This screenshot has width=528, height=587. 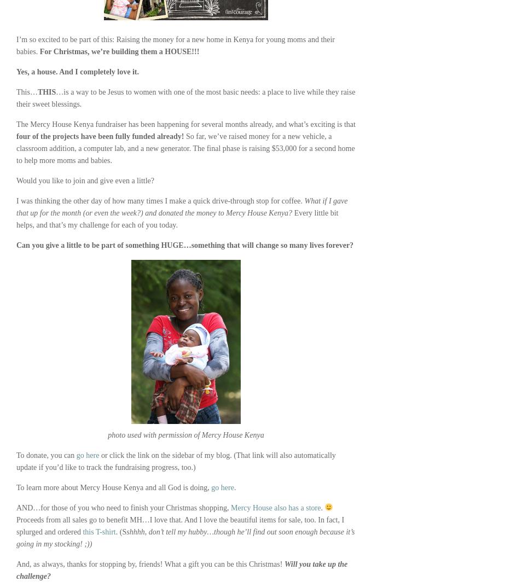 I want to click on 'Proceeds from all sales go to benefit MH…I love that. And I love the beautiful items for sale, too. In fact, I splurged and ordered', so click(x=179, y=525).